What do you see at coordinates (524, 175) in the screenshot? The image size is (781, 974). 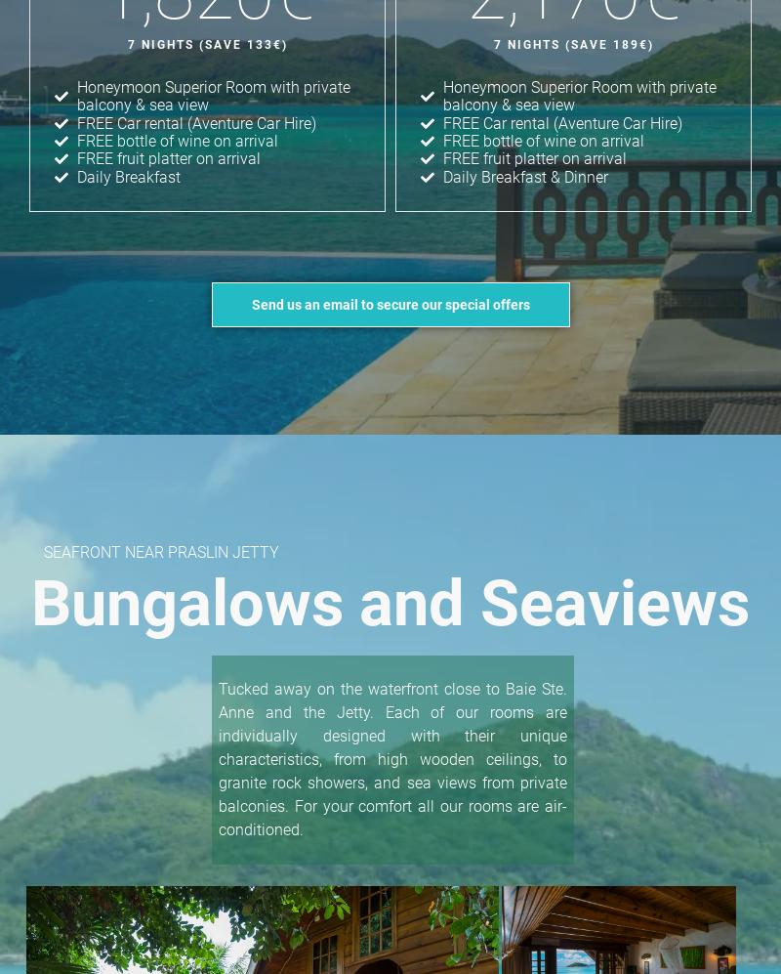 I see `'Daily Breakfast & Dinner'` at bounding box center [524, 175].